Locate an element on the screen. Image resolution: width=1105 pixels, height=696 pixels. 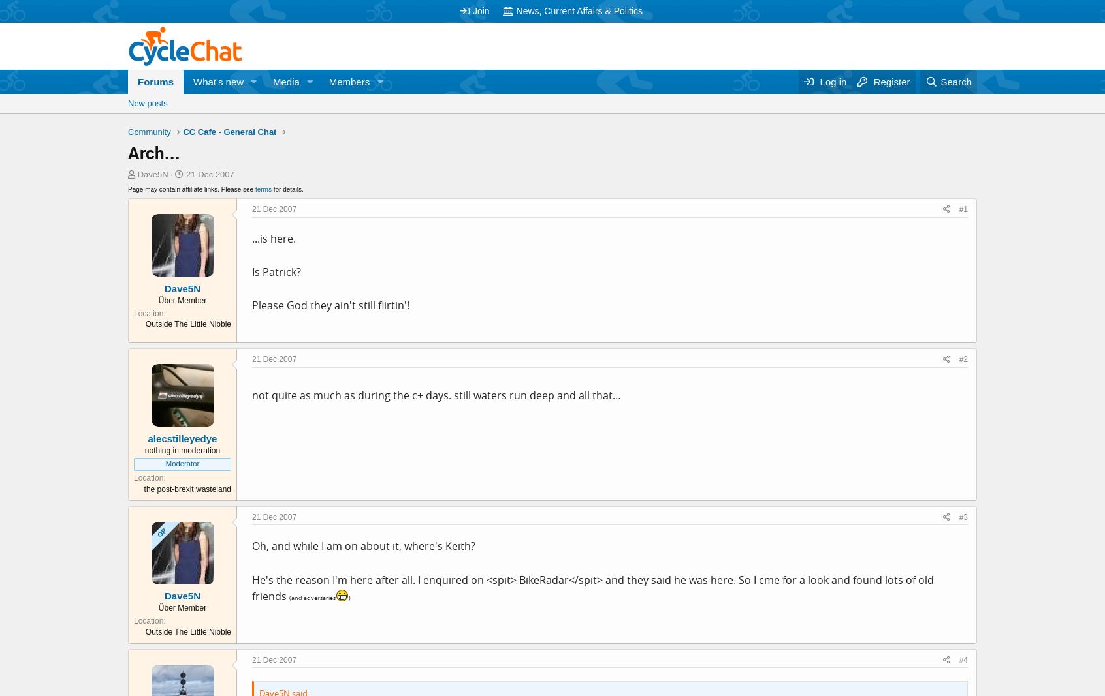
'Moderator' is located at coordinates (165, 464).